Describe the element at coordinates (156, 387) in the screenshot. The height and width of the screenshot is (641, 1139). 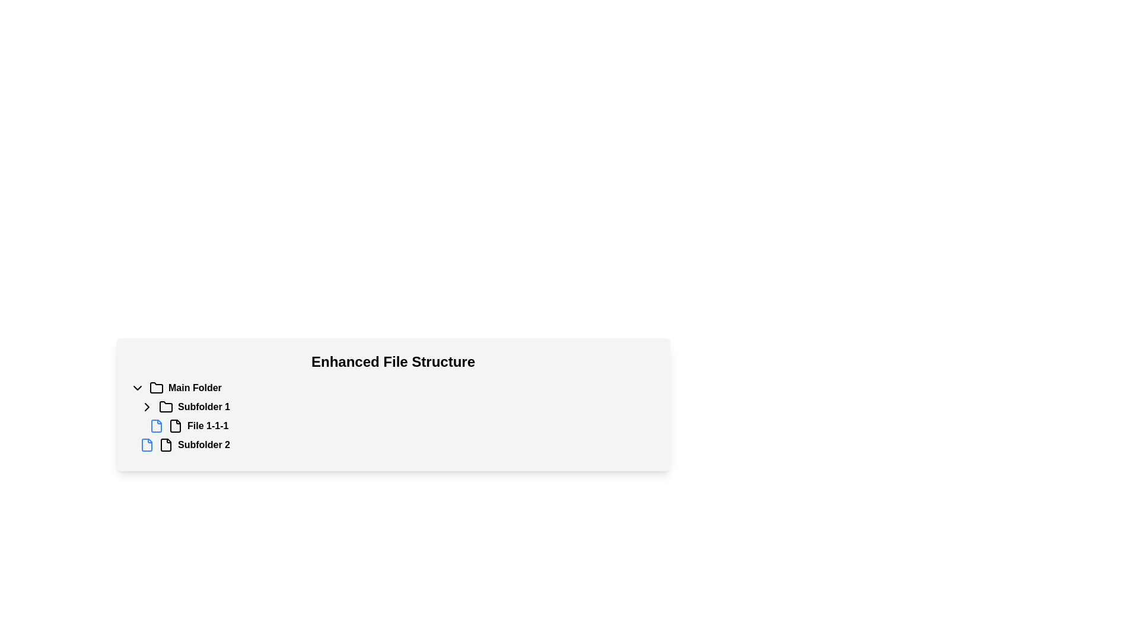
I see `the folder icon representing 'Main Folder', which is visually identifiable and located next to the text 'Main Folder' in the file structure interface` at that location.